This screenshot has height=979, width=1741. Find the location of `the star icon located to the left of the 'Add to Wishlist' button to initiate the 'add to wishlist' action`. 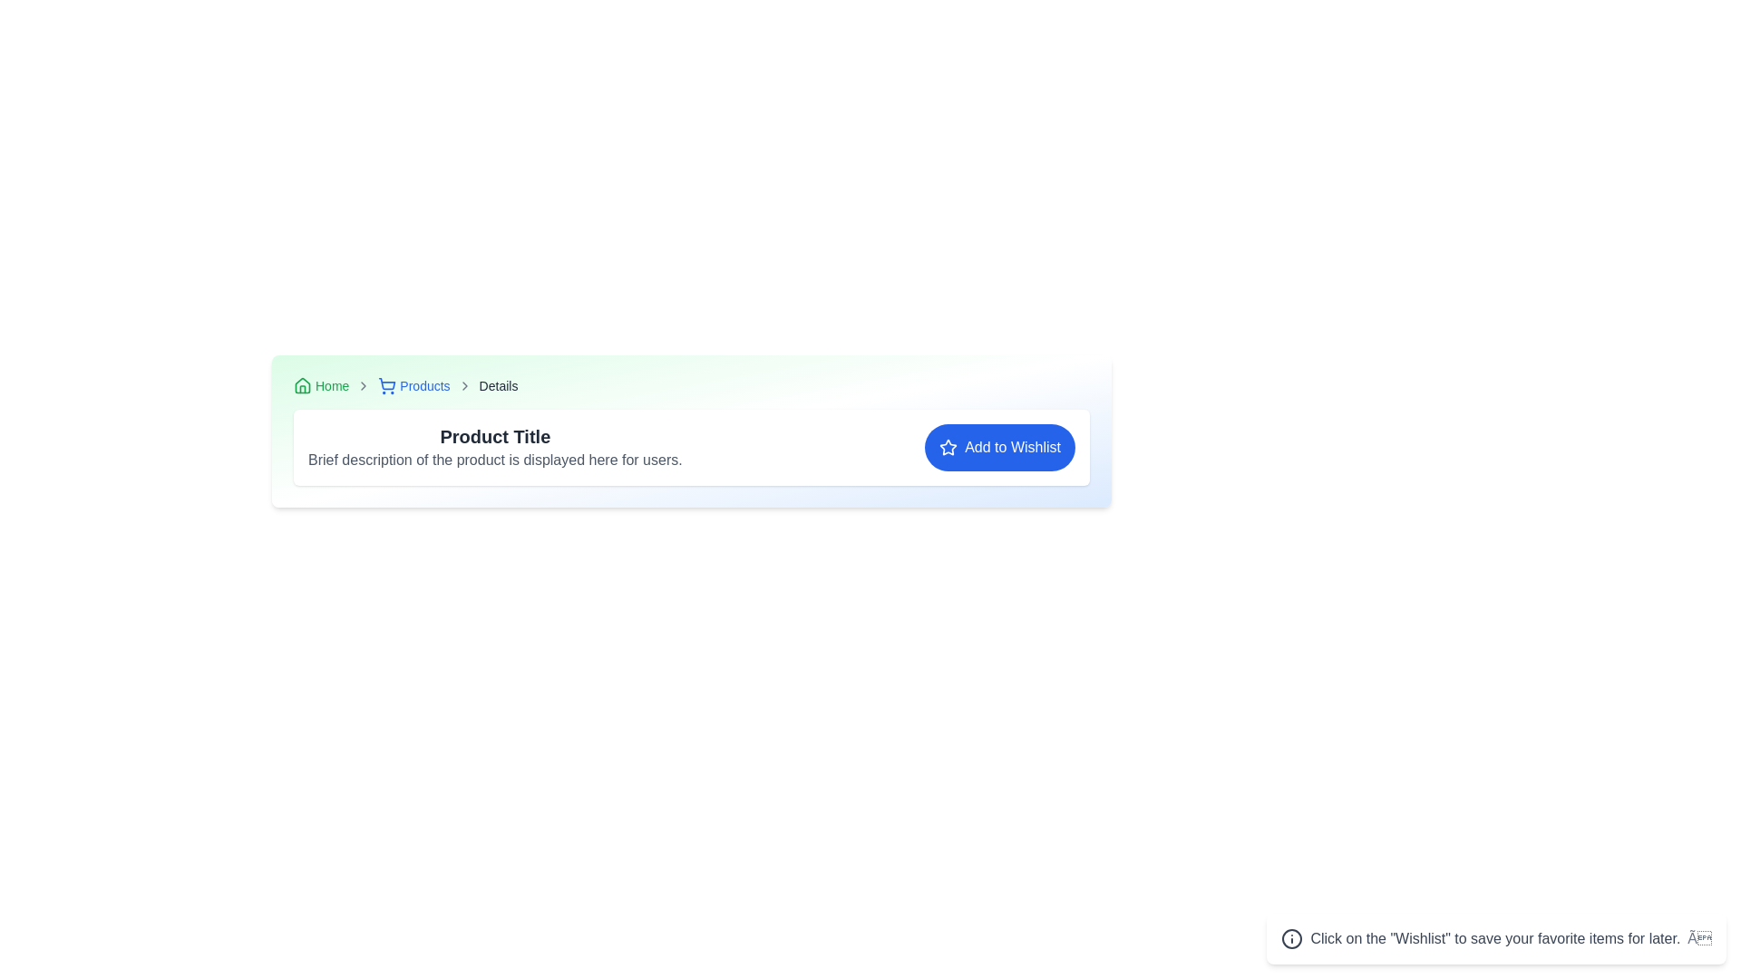

the star icon located to the left of the 'Add to Wishlist' button to initiate the 'add to wishlist' action is located at coordinates (948, 447).